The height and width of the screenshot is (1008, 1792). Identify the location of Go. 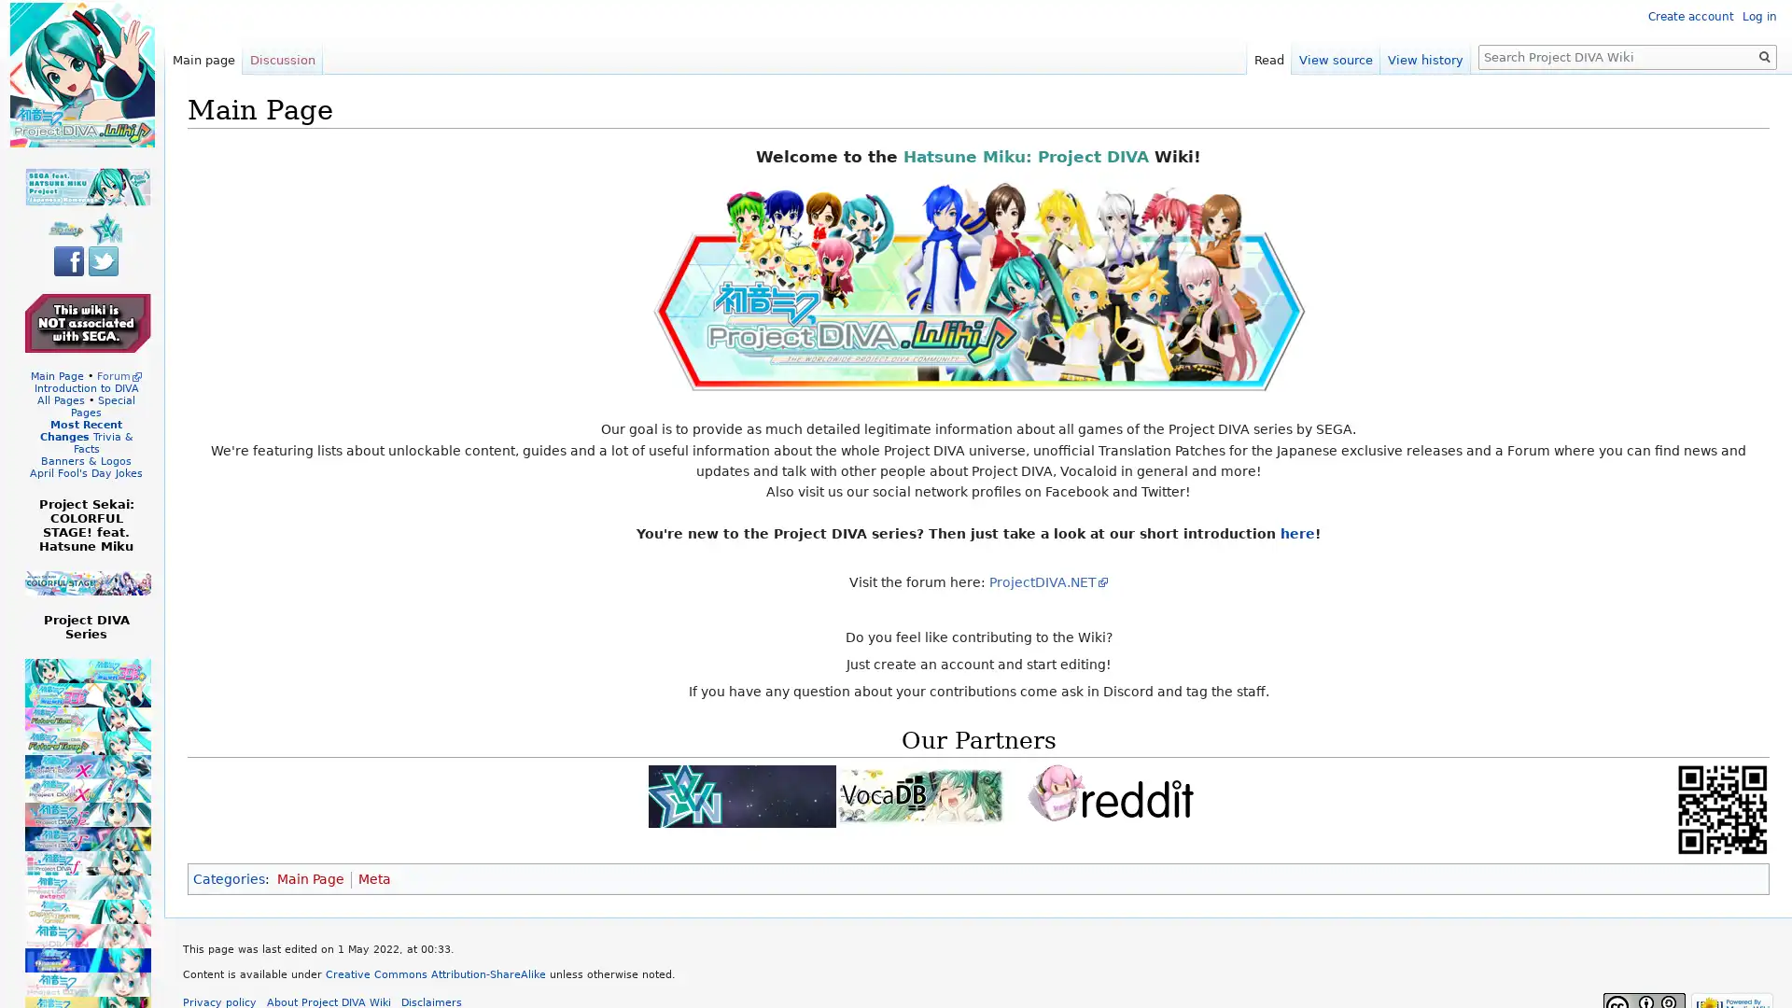
(1764, 56).